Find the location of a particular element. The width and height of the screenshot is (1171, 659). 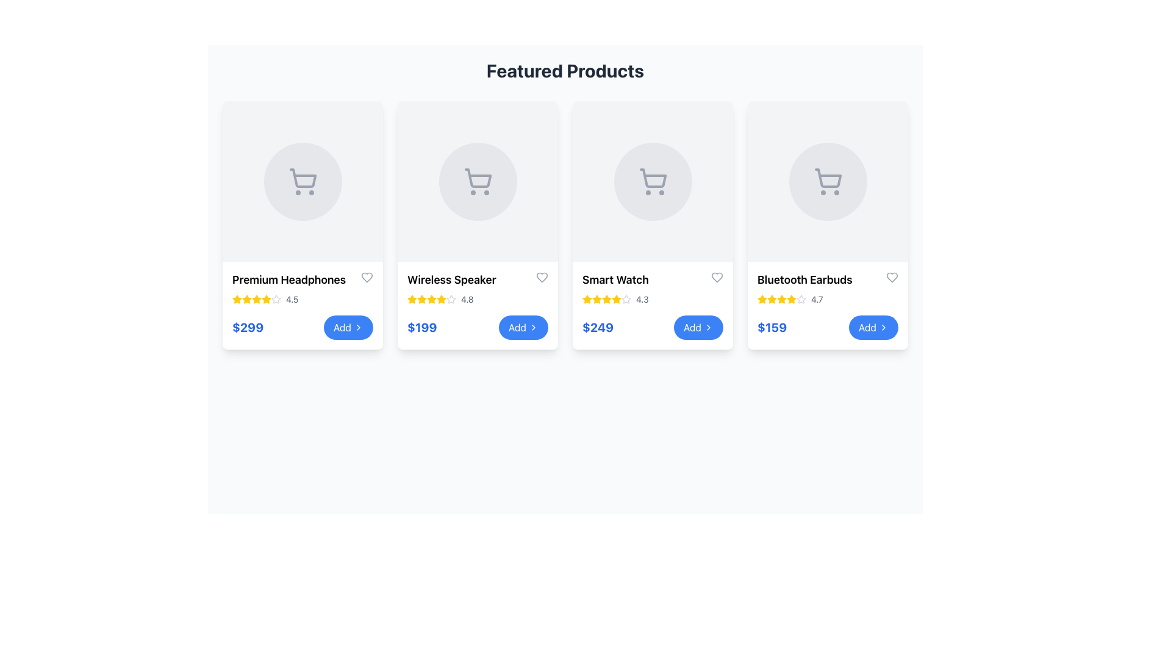

the button located at the bottom-right of the fourth product card for Bluetooth Earbuds to trigger the hover effect is located at coordinates (873, 326).